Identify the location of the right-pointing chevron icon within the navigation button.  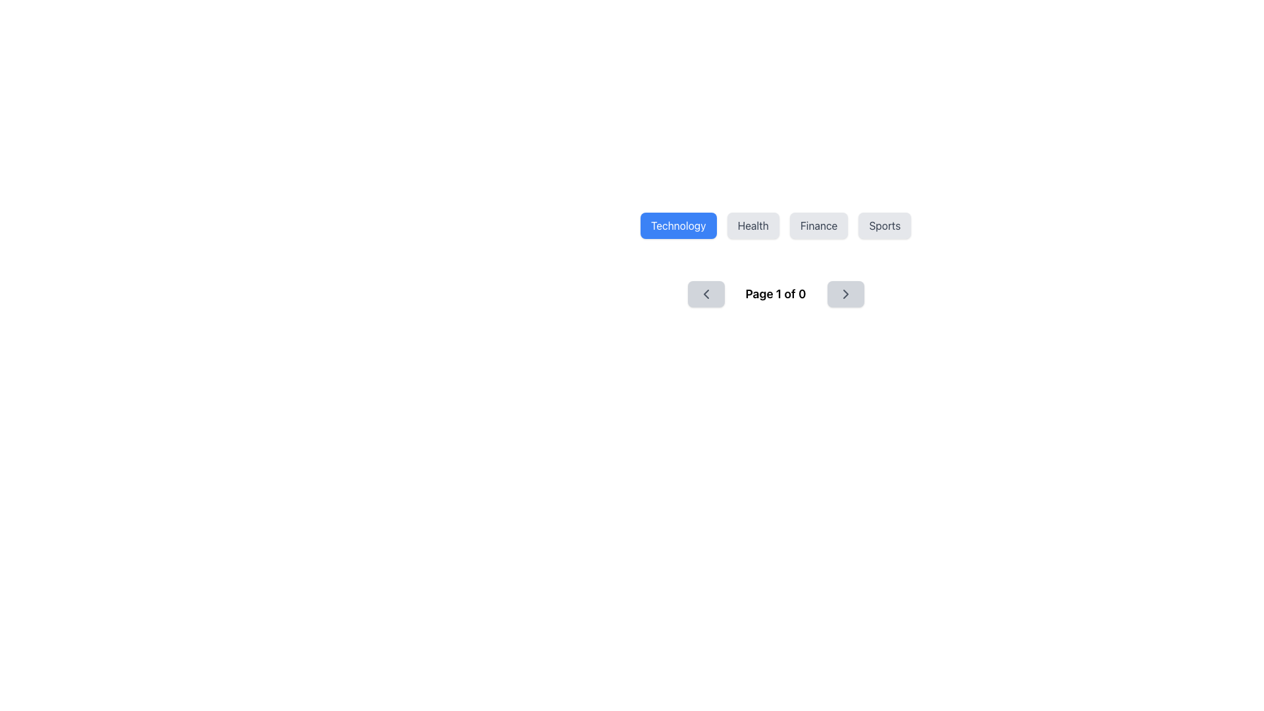
(845, 294).